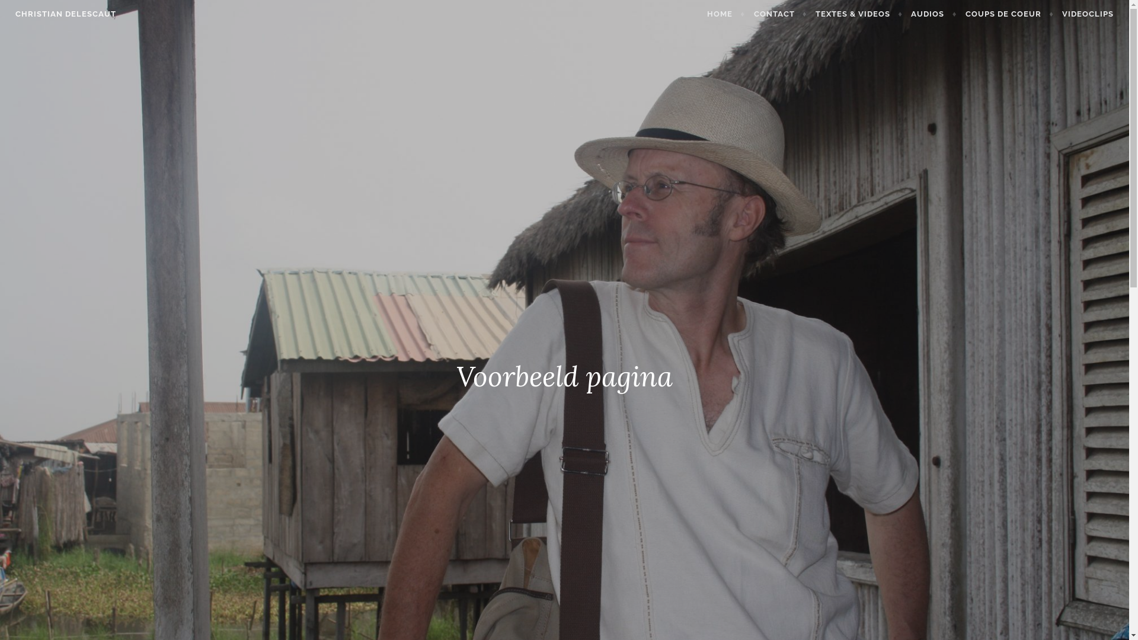 The image size is (1138, 640). Describe the element at coordinates (65, 14) in the screenshot. I see `'CHRISTIAN DELESCAUT'` at that location.